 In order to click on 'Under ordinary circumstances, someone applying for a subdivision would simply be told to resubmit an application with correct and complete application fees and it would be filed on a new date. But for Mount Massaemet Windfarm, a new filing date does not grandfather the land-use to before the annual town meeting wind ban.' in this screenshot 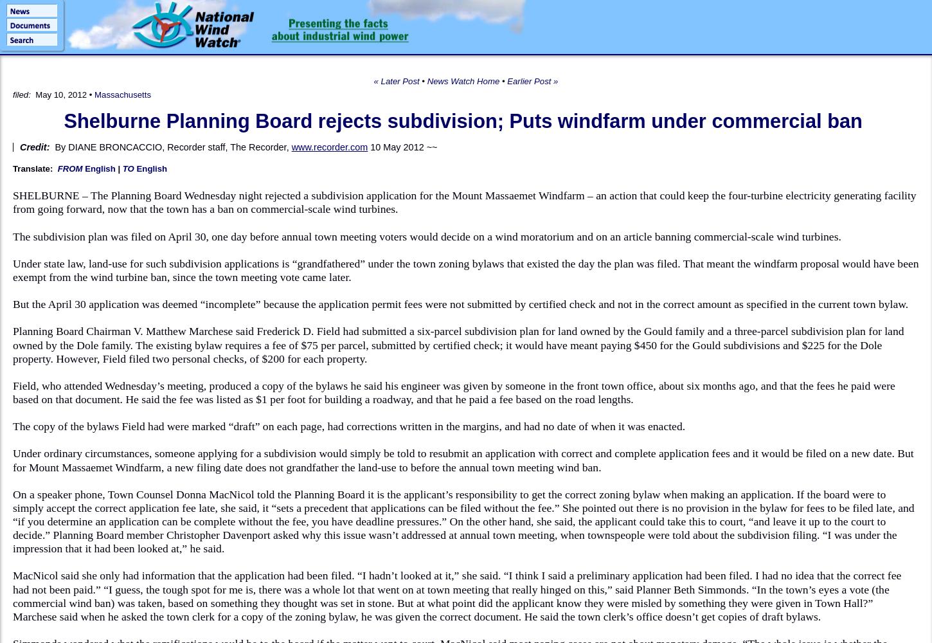, I will do `click(462, 459)`.